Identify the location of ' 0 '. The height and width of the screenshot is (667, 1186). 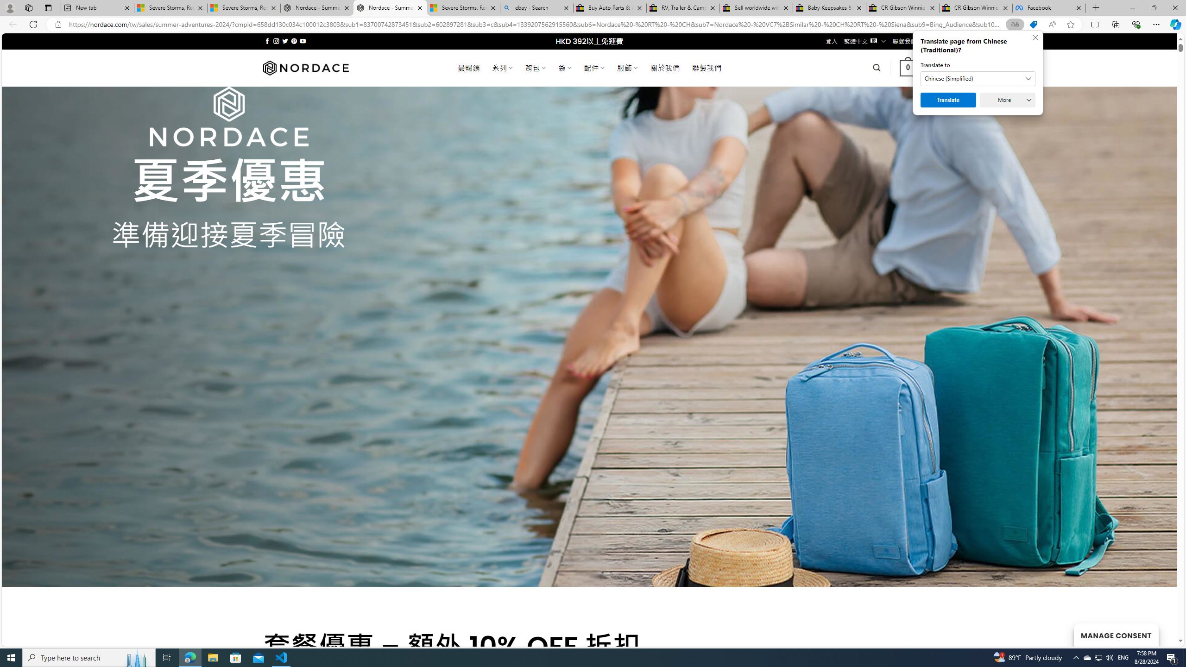
(908, 67).